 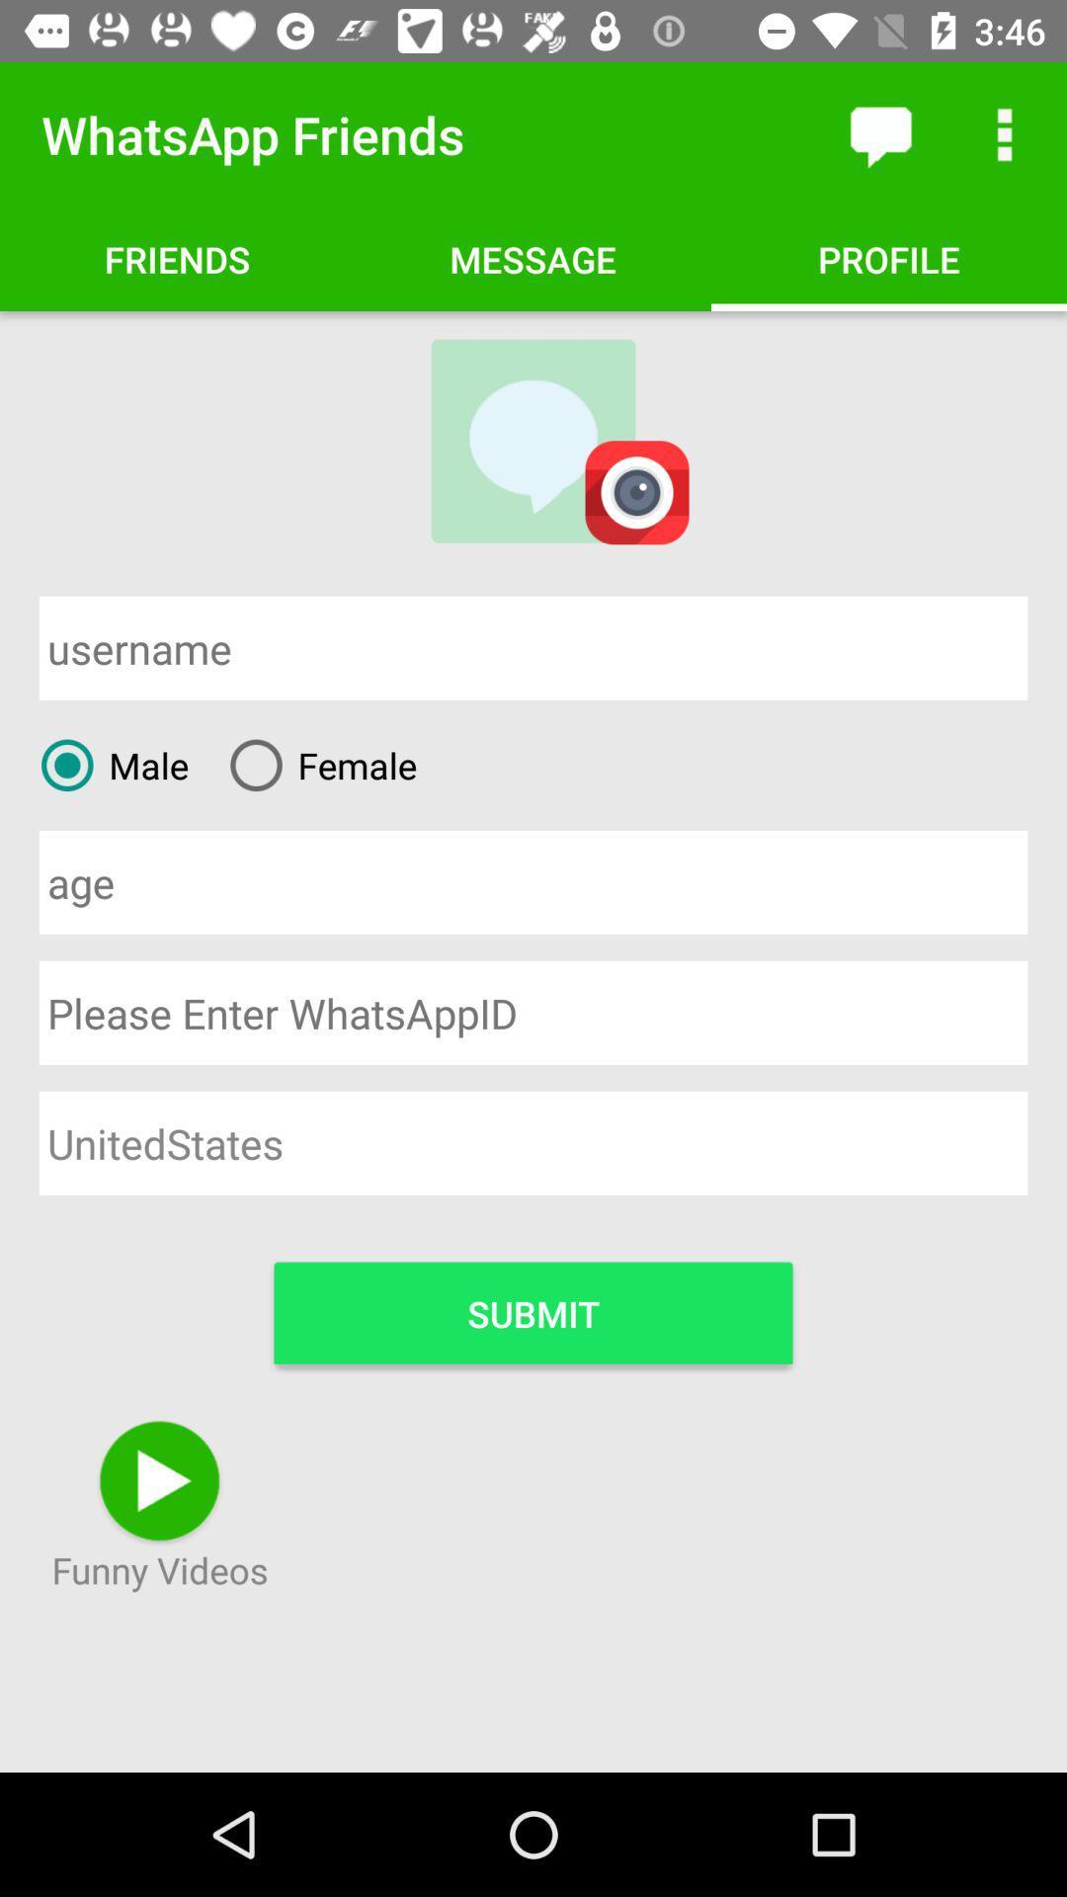 I want to click on the item to the right of the whatsapp friends, so click(x=879, y=133).